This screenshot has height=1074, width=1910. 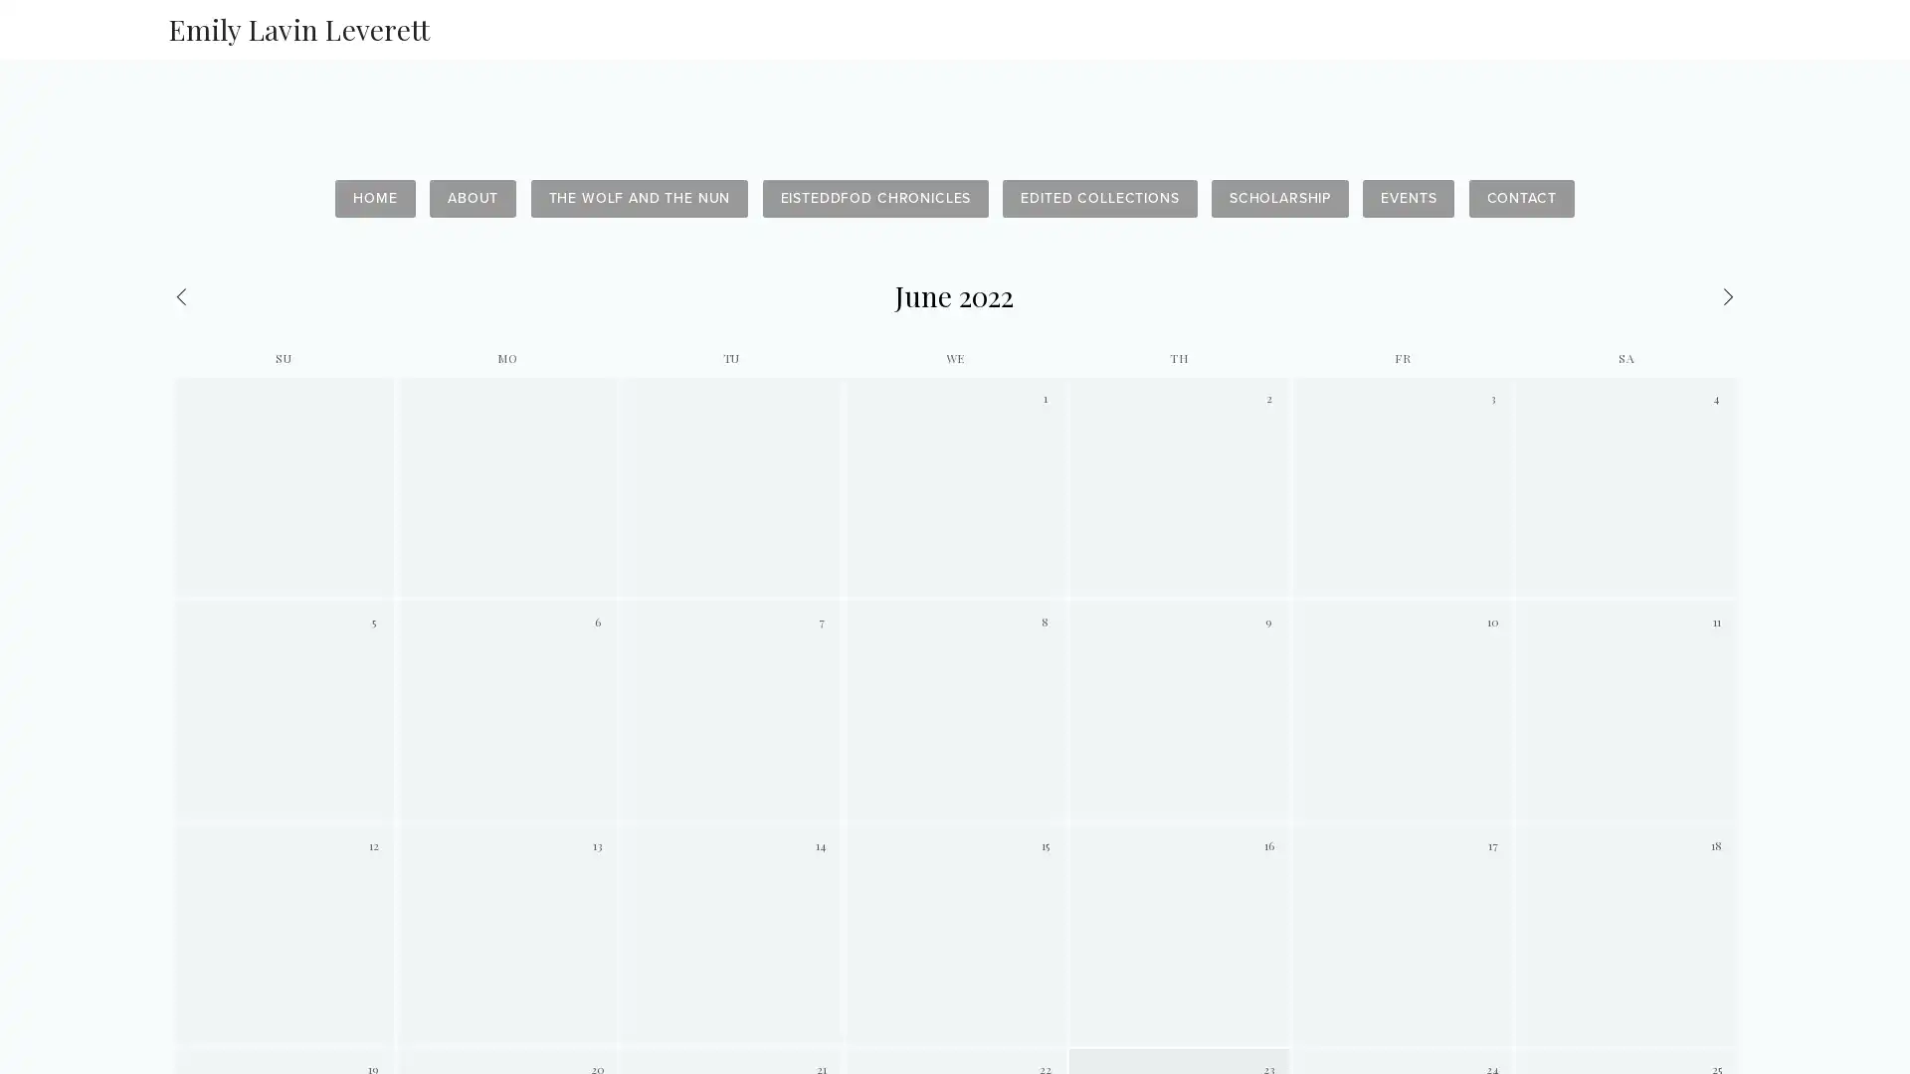 What do you see at coordinates (278, 295) in the screenshot?
I see `Go to previous month` at bounding box center [278, 295].